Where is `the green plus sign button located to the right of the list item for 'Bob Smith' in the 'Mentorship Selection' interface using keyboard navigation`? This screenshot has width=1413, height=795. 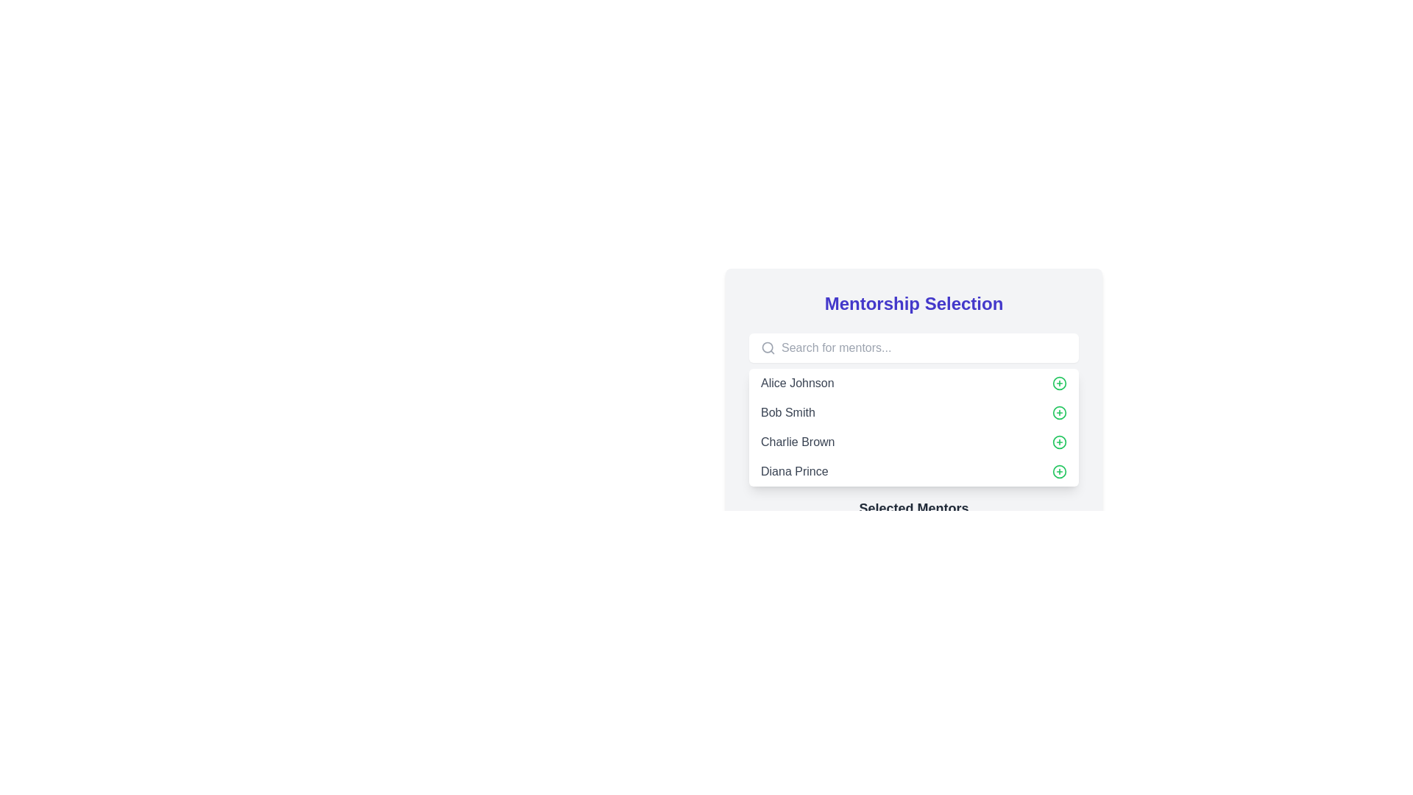 the green plus sign button located to the right of the list item for 'Bob Smith' in the 'Mentorship Selection' interface using keyboard navigation is located at coordinates (1060, 412).